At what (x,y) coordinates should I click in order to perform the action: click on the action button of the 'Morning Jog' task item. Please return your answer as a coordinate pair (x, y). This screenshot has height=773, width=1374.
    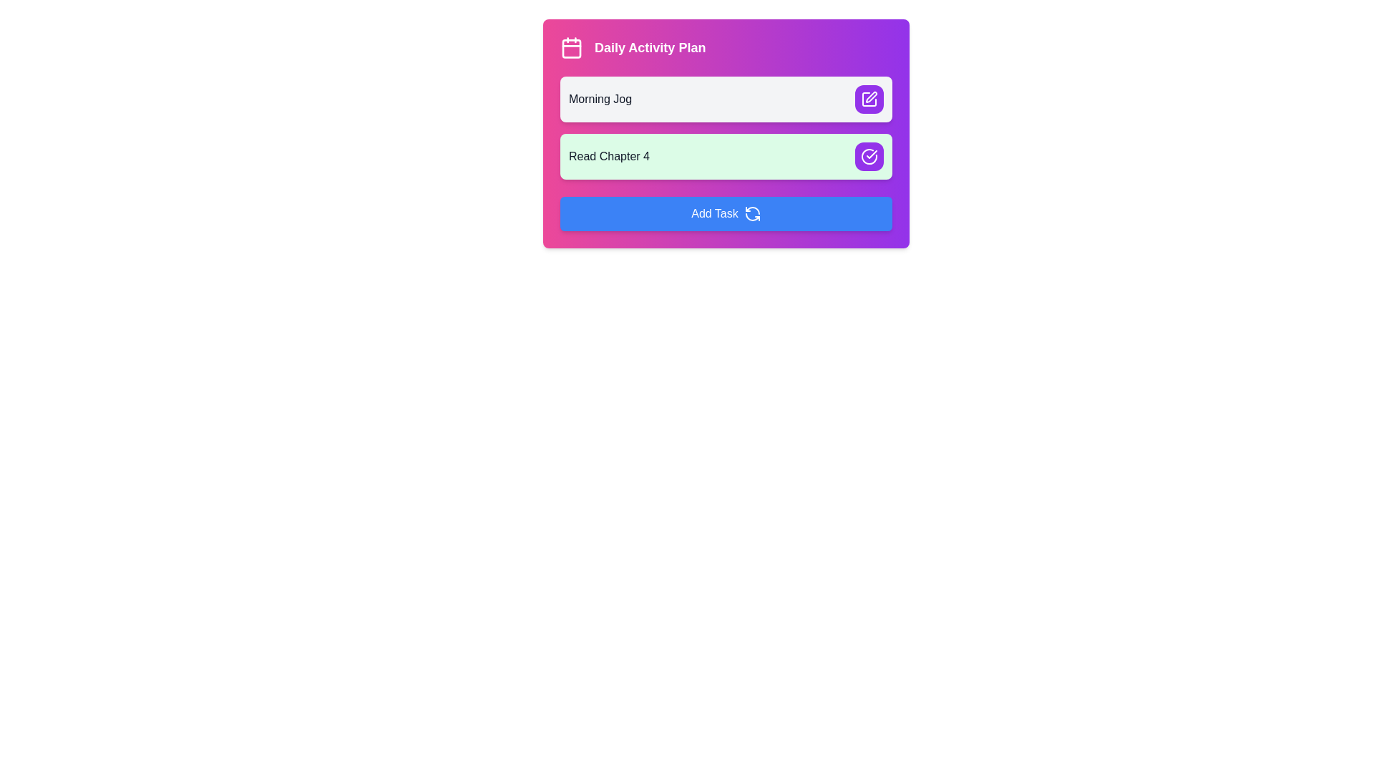
    Looking at the image, I should click on (726, 98).